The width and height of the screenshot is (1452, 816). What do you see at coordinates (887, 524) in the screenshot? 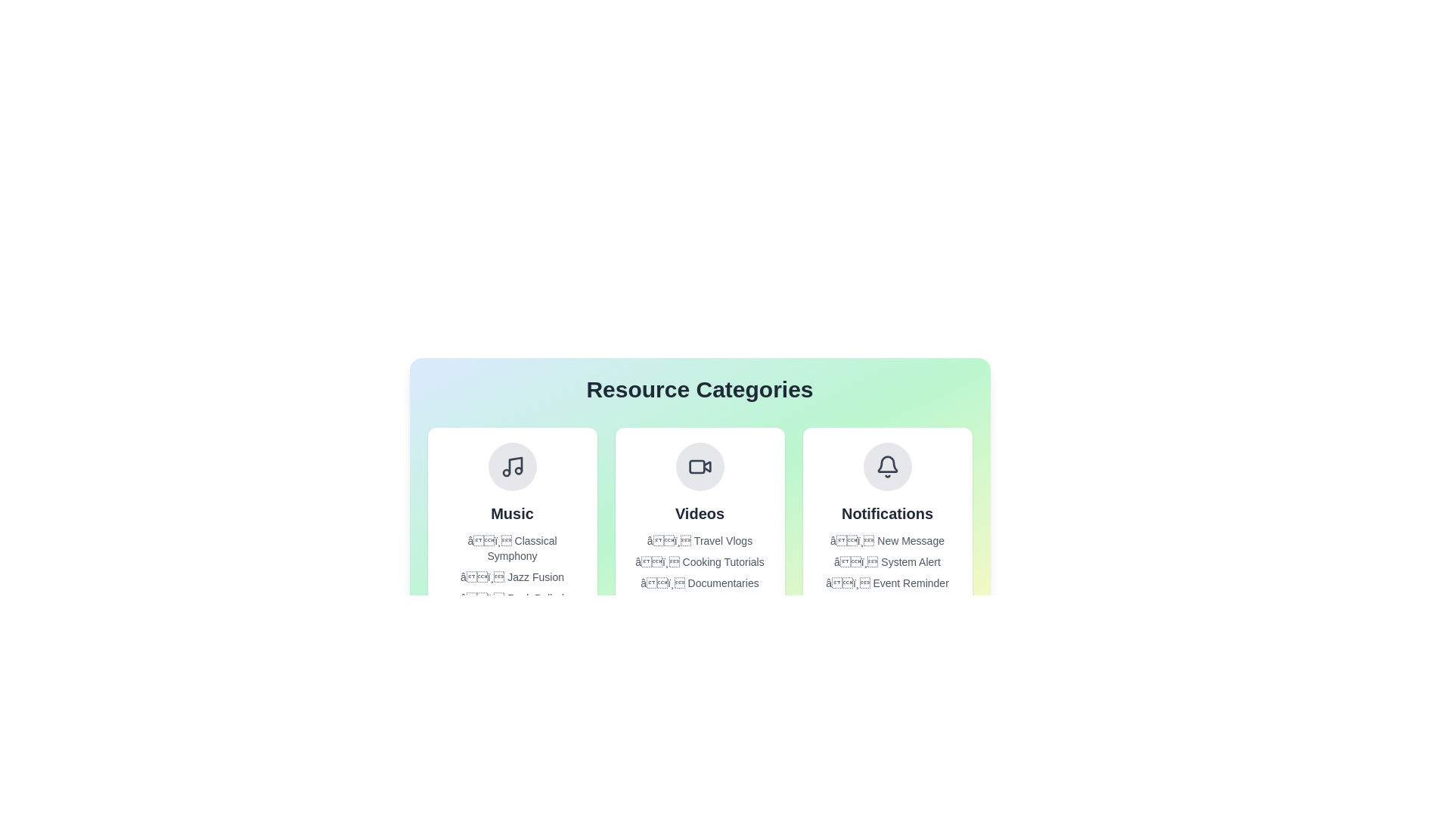
I see `the category panel for Notifications` at bounding box center [887, 524].